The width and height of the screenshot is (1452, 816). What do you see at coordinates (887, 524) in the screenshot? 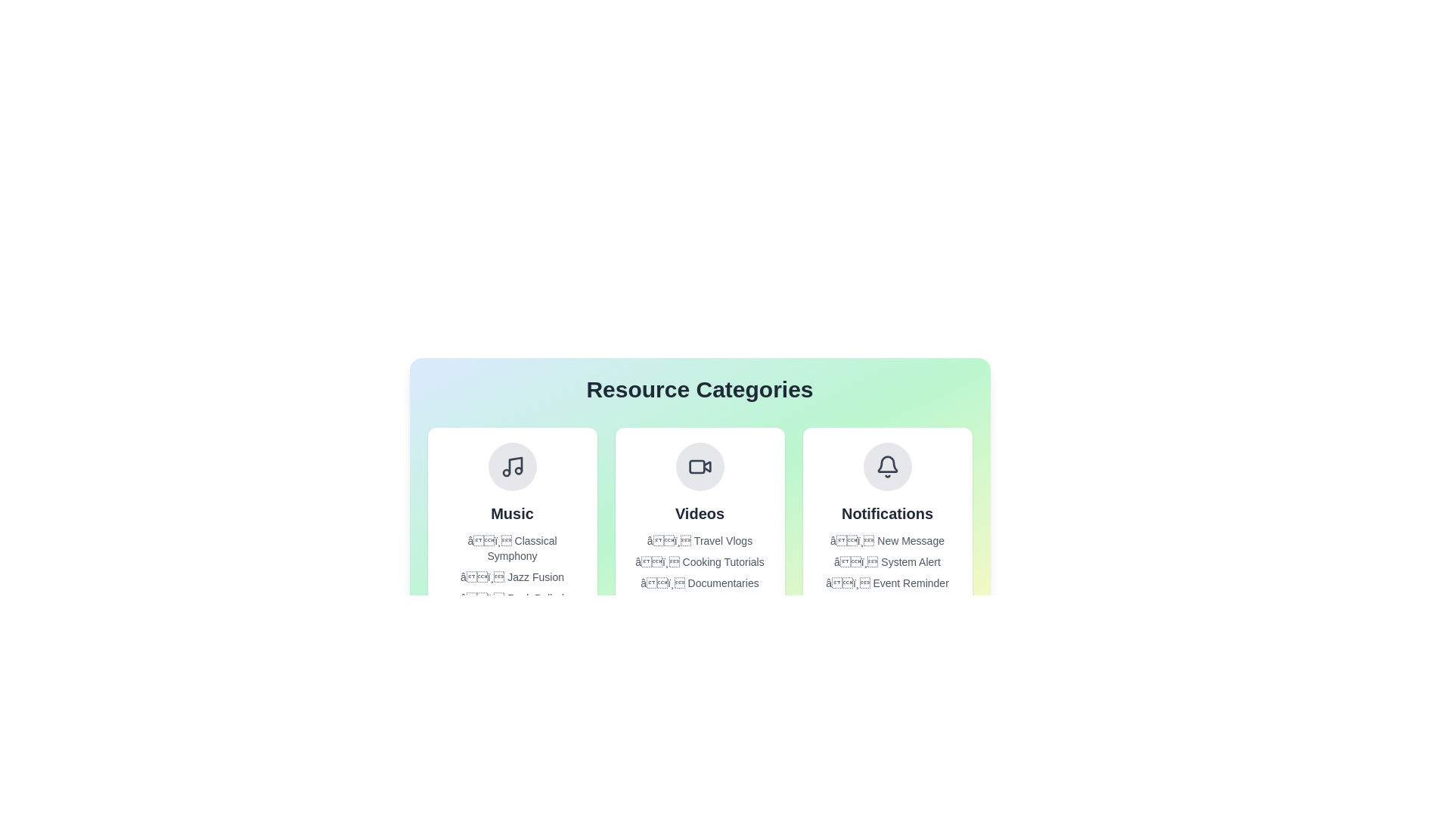
I see `the category panel for Notifications` at bounding box center [887, 524].